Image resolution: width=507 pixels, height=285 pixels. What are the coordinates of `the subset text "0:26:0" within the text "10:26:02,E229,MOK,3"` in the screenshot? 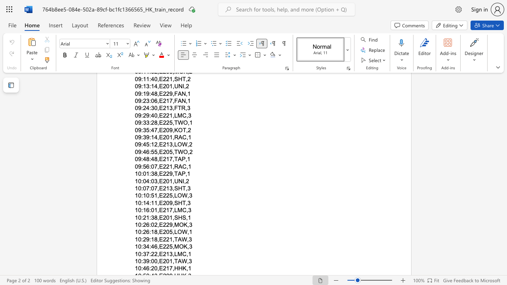 It's located at (138, 224).